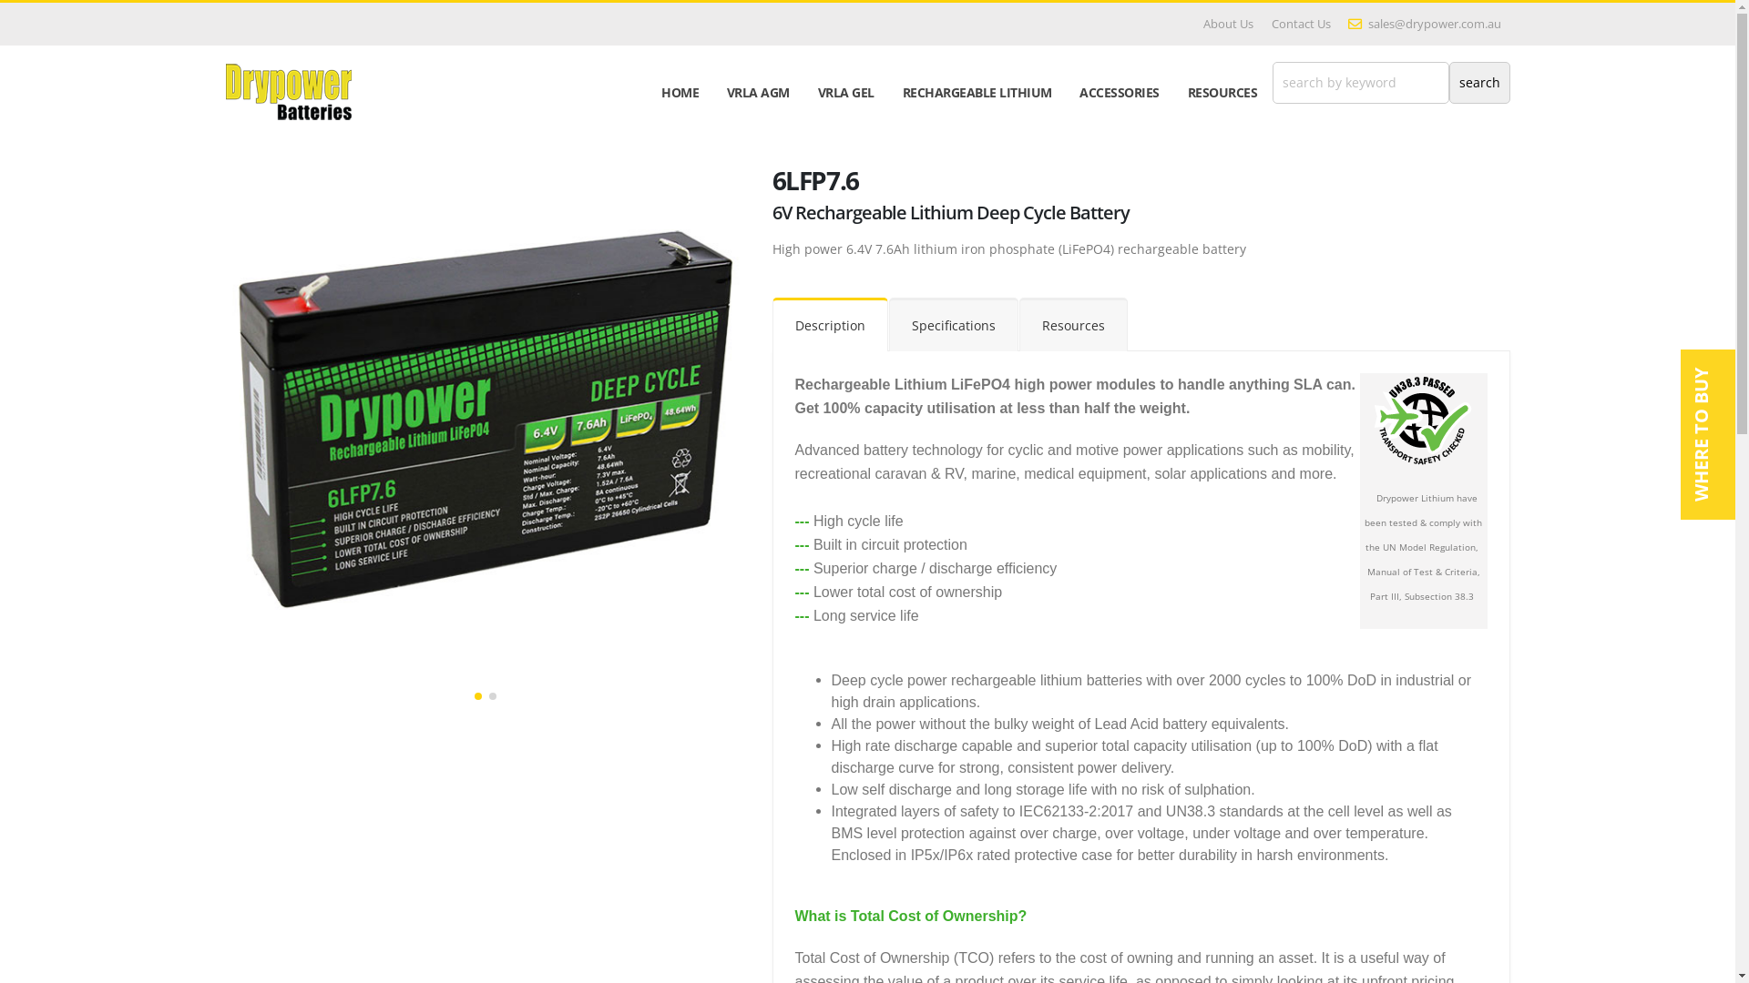 Image resolution: width=1749 pixels, height=983 pixels. I want to click on 'Resources', so click(1072, 323).